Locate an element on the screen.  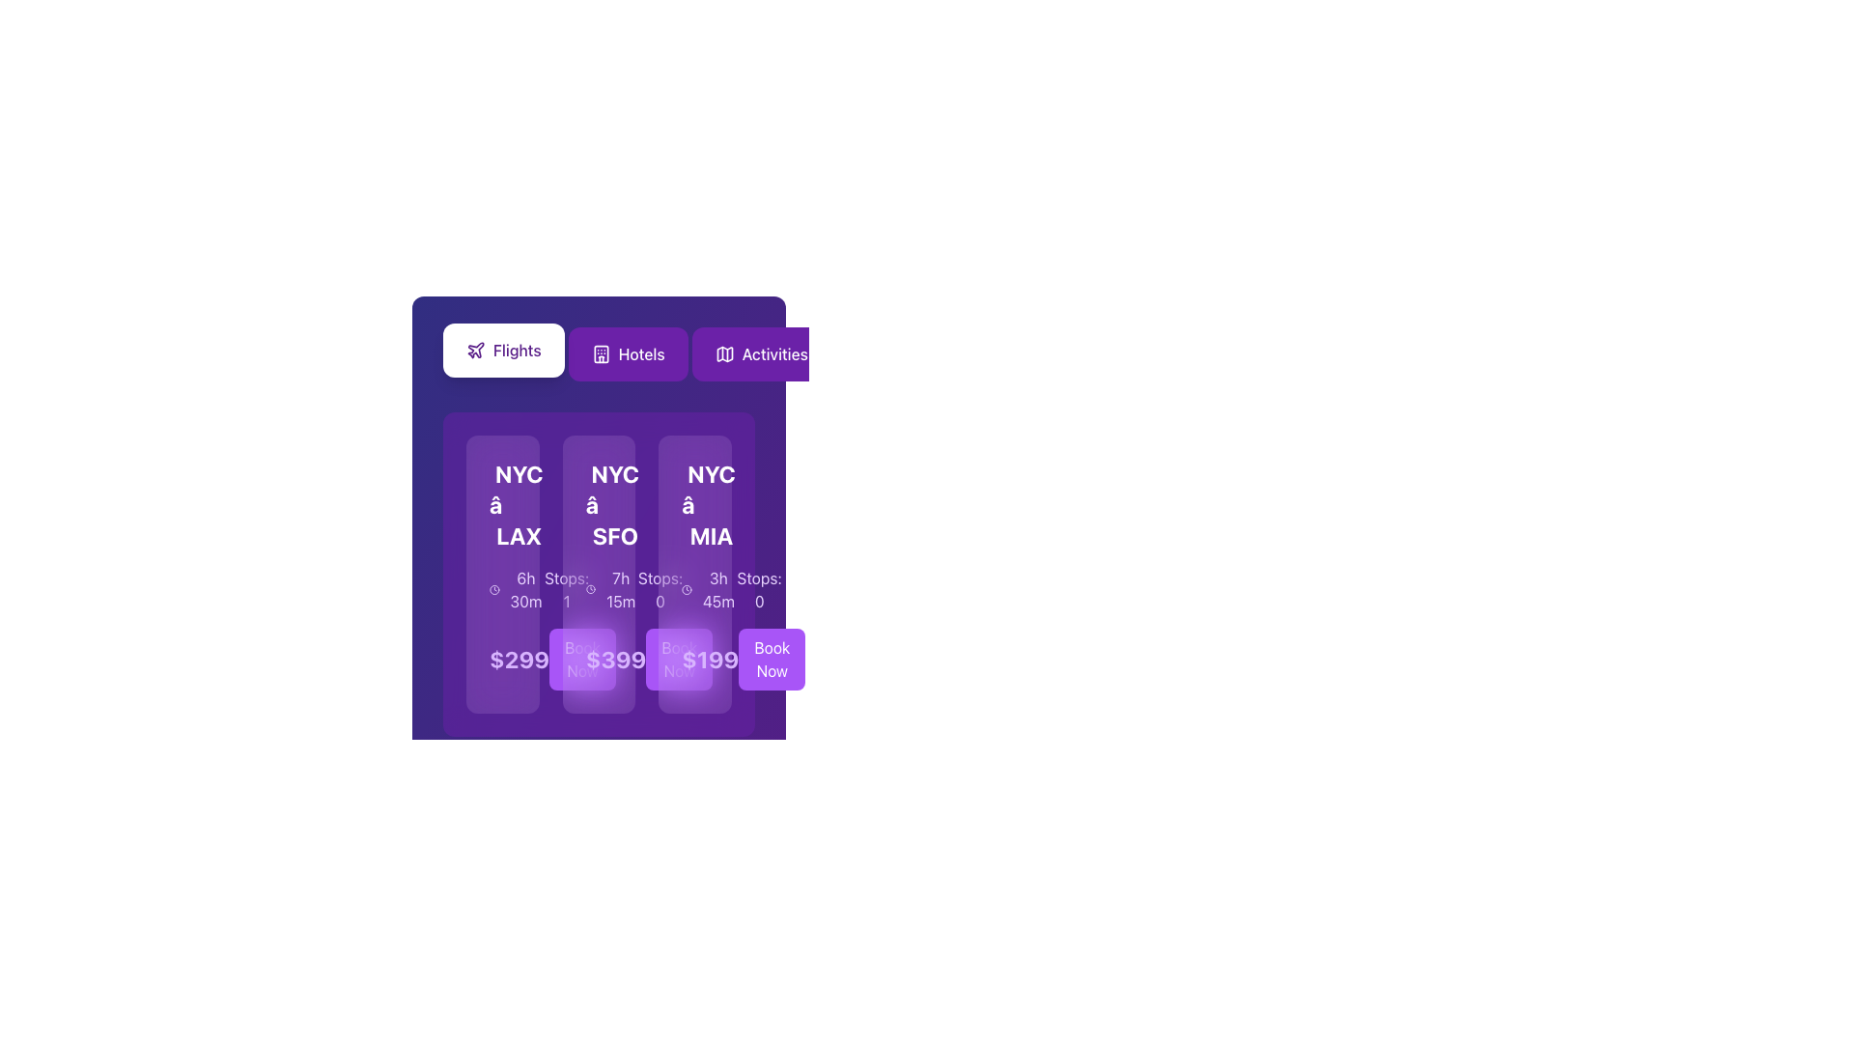
the 'Activities' button, which is the third button in a horizontal group of three buttons labeled 'Flights', 'Hotels', and 'Activities' is located at coordinates (760, 353).